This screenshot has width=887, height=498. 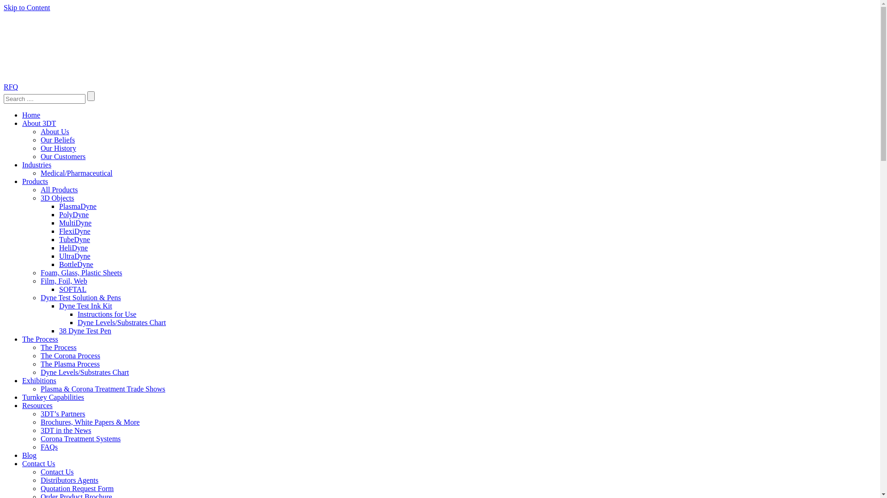 What do you see at coordinates (85, 330) in the screenshot?
I see `'38 Dyne Test Pen'` at bounding box center [85, 330].